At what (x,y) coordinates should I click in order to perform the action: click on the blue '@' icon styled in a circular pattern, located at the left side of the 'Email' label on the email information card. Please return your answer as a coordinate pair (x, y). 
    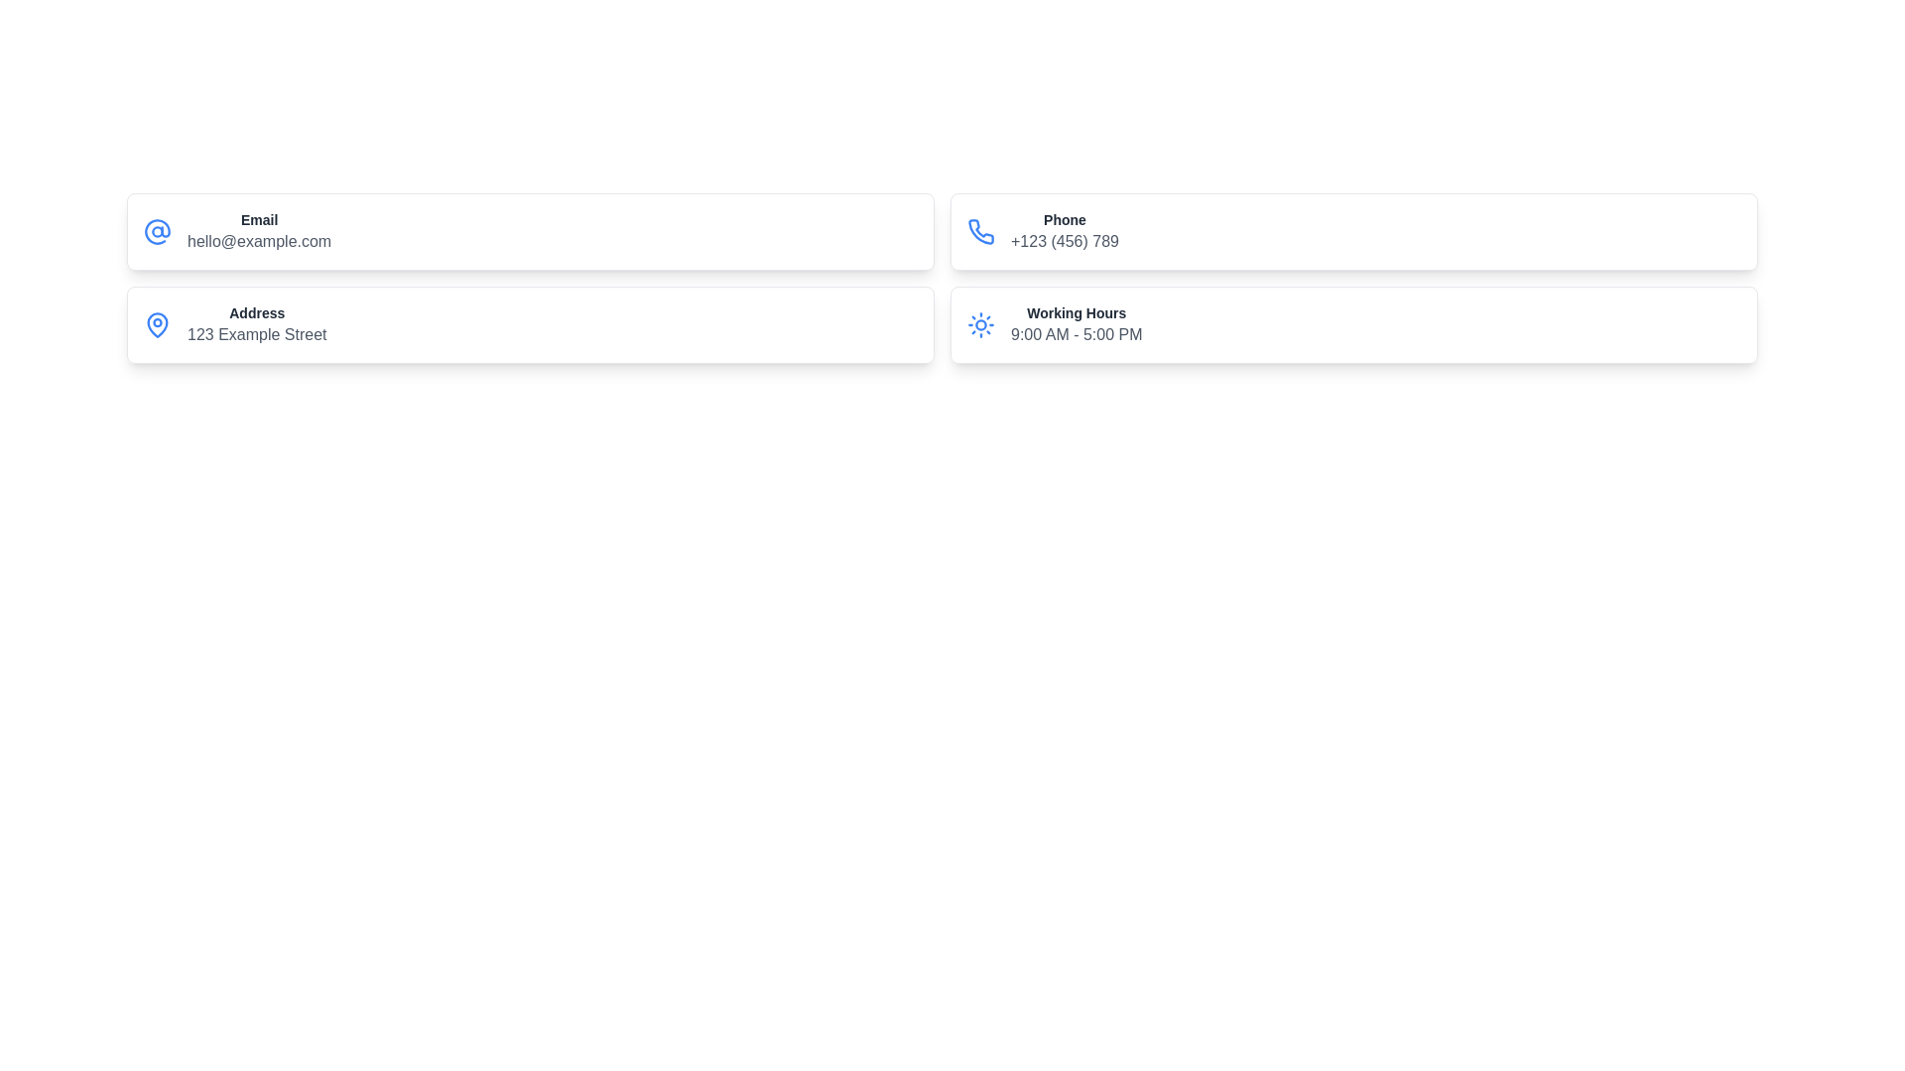
    Looking at the image, I should click on (156, 231).